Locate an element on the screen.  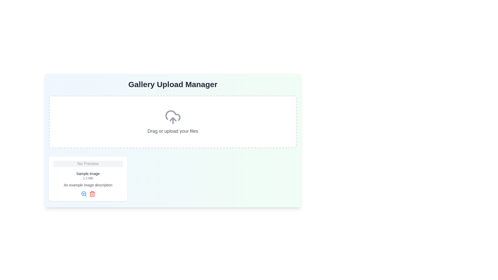
header text of the title element located at the top center of the gallery uploads section, which informs the user about managing gallery uploads is located at coordinates (173, 84).